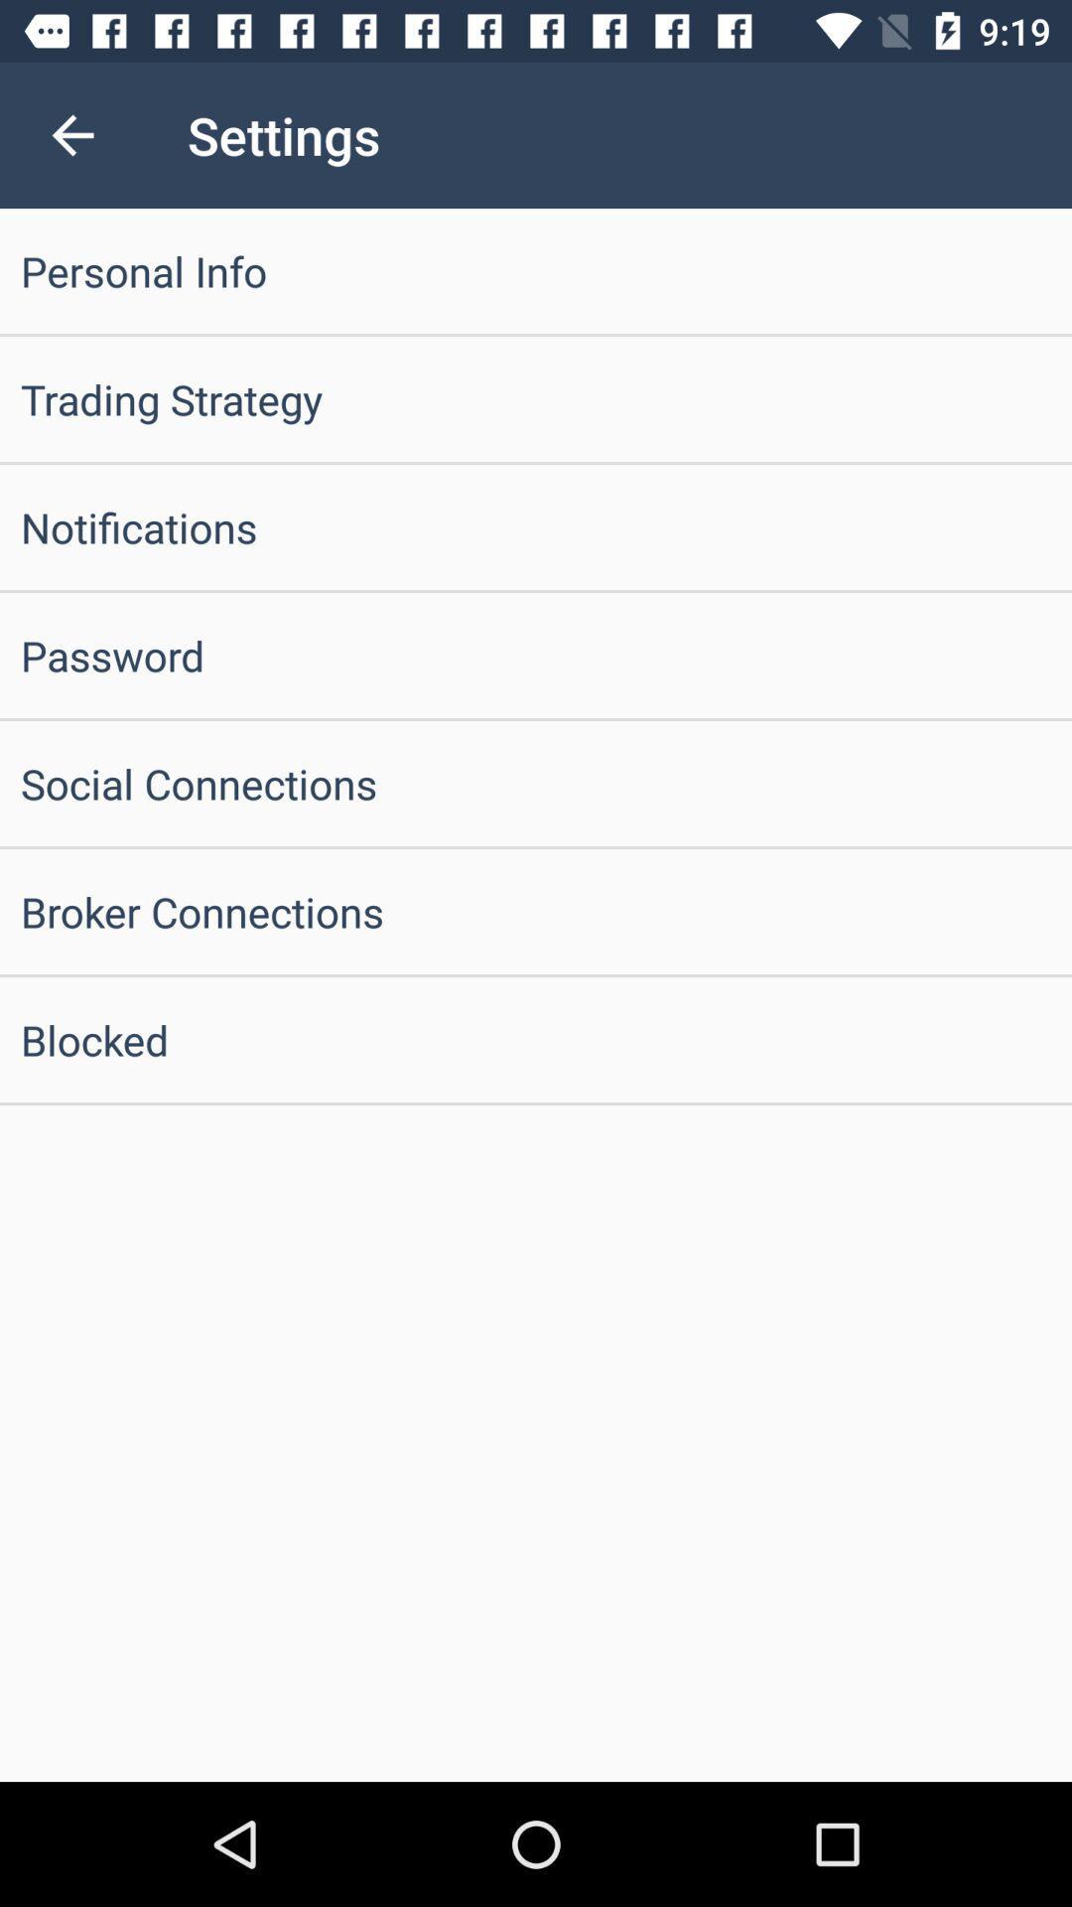  What do you see at coordinates (536, 527) in the screenshot?
I see `icon below the trading strategy` at bounding box center [536, 527].